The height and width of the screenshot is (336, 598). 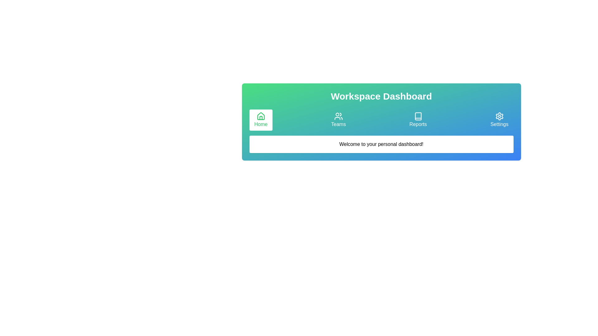 I want to click on the 'Settings' icon located in the top-right section of the header layout, so click(x=499, y=116).